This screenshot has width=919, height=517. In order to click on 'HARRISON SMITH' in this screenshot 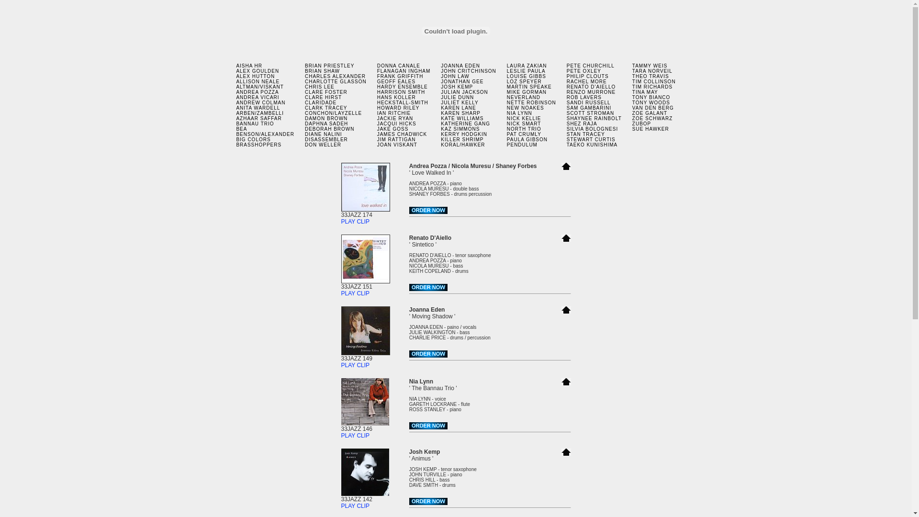, I will do `click(401, 92)`.